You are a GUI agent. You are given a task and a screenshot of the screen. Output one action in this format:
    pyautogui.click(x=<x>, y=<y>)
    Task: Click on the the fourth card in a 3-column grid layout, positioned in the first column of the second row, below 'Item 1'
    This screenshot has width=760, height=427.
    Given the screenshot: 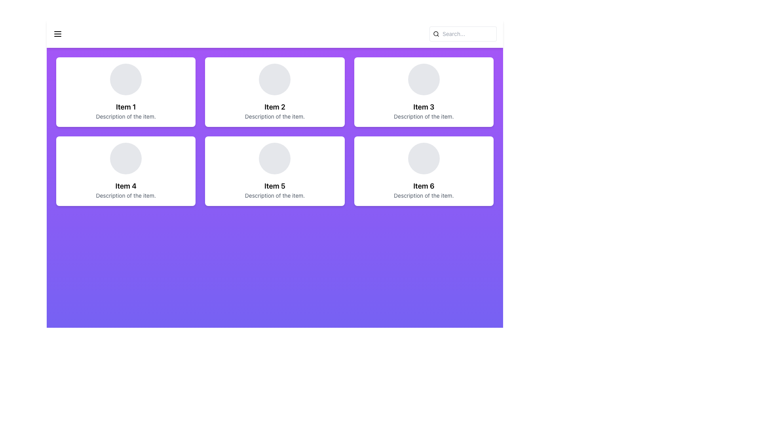 What is the action you would take?
    pyautogui.click(x=125, y=170)
    